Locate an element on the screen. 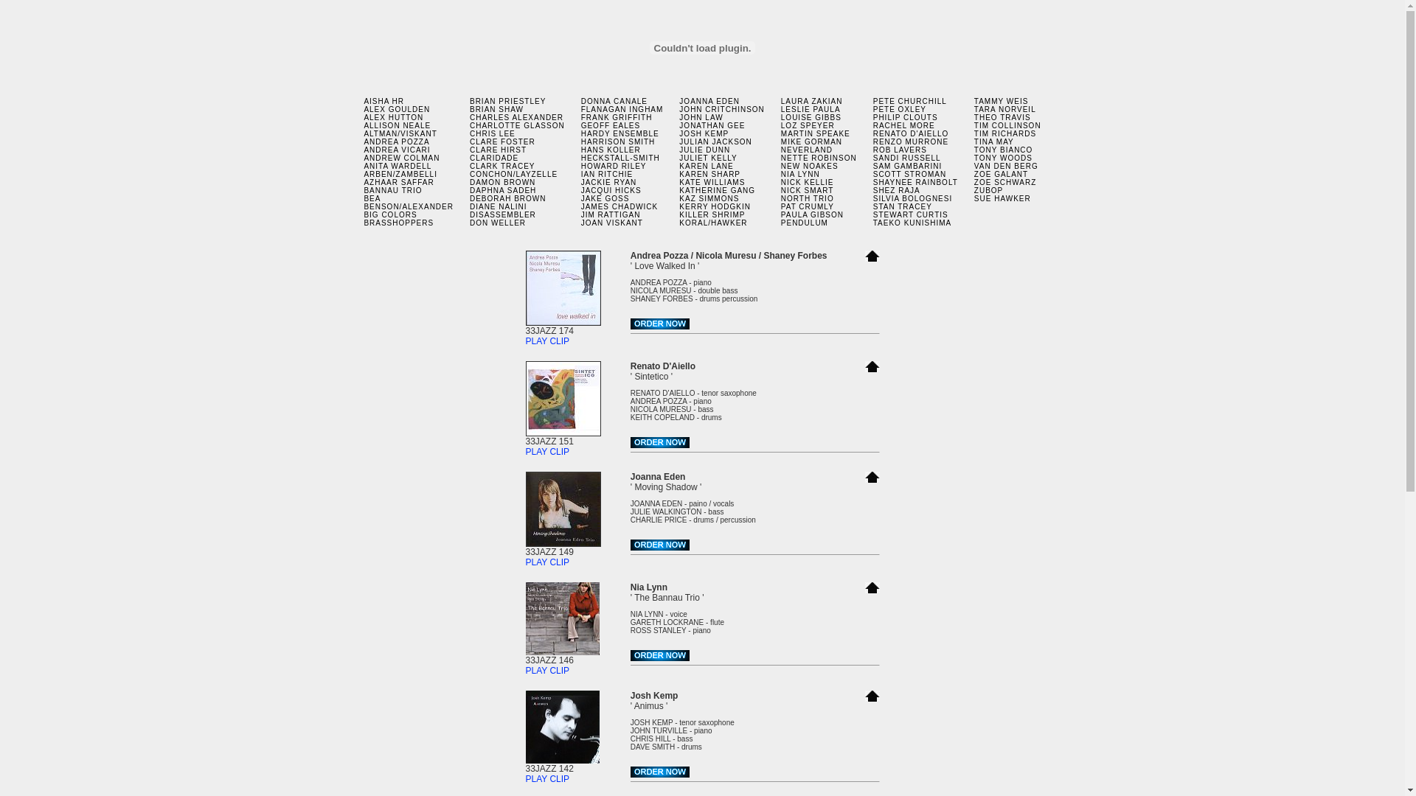  'ANDREA VICARI' is located at coordinates (396, 150).